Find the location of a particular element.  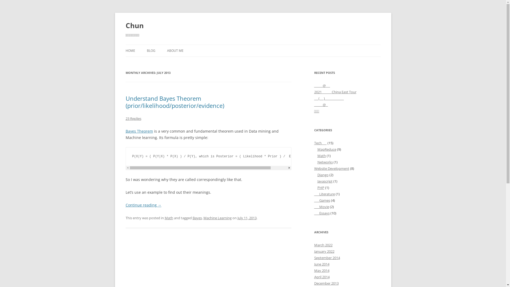

'May 2014' is located at coordinates (321, 271).